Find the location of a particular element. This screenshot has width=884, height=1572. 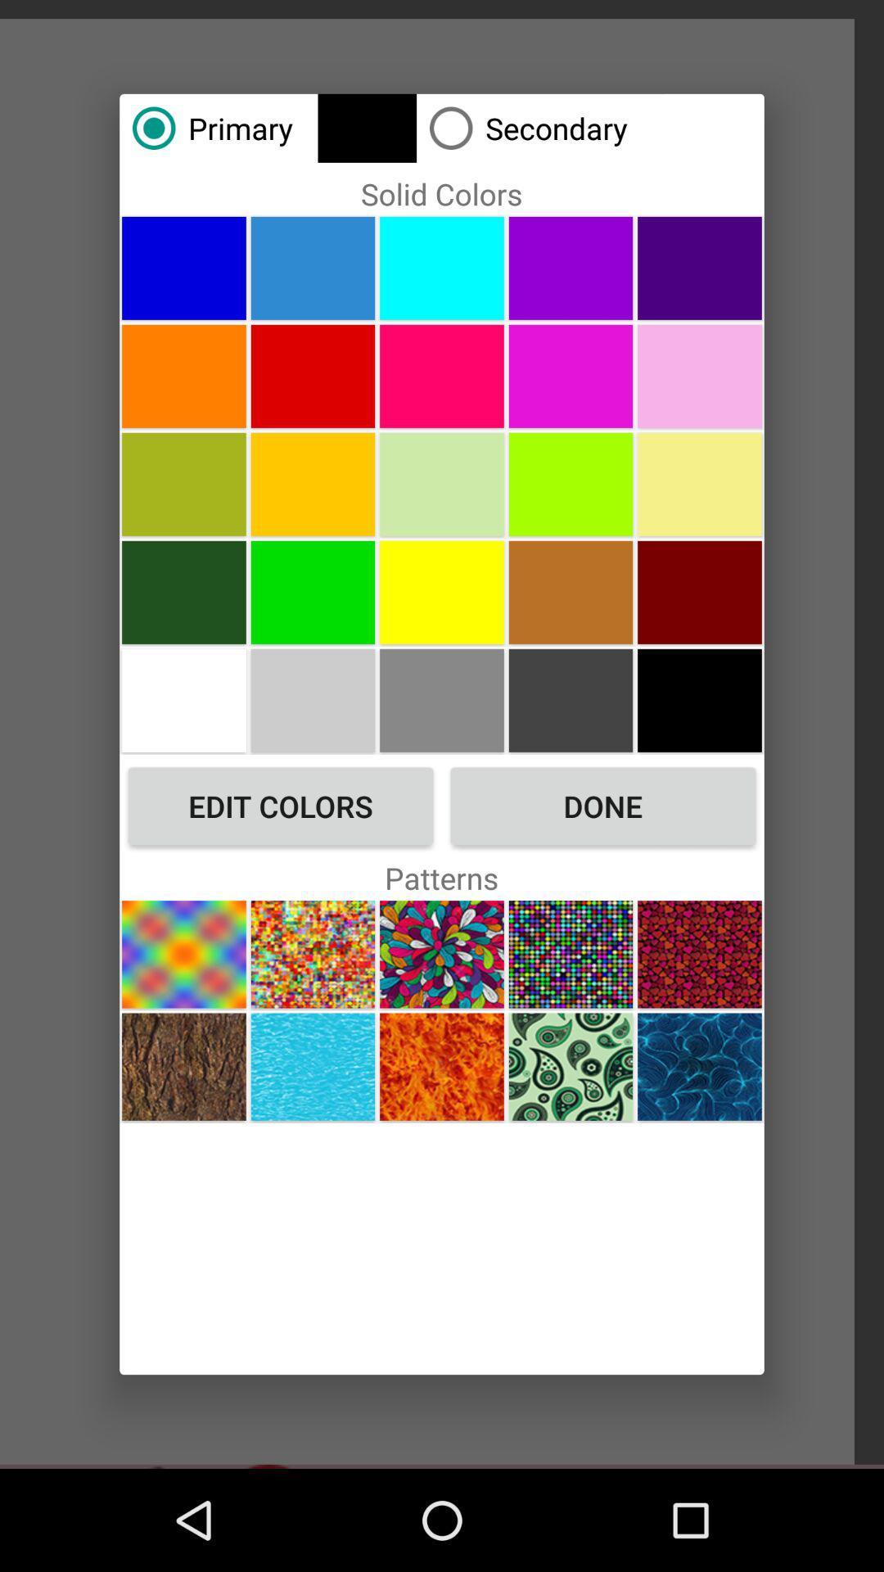

choose color is located at coordinates (442, 375).